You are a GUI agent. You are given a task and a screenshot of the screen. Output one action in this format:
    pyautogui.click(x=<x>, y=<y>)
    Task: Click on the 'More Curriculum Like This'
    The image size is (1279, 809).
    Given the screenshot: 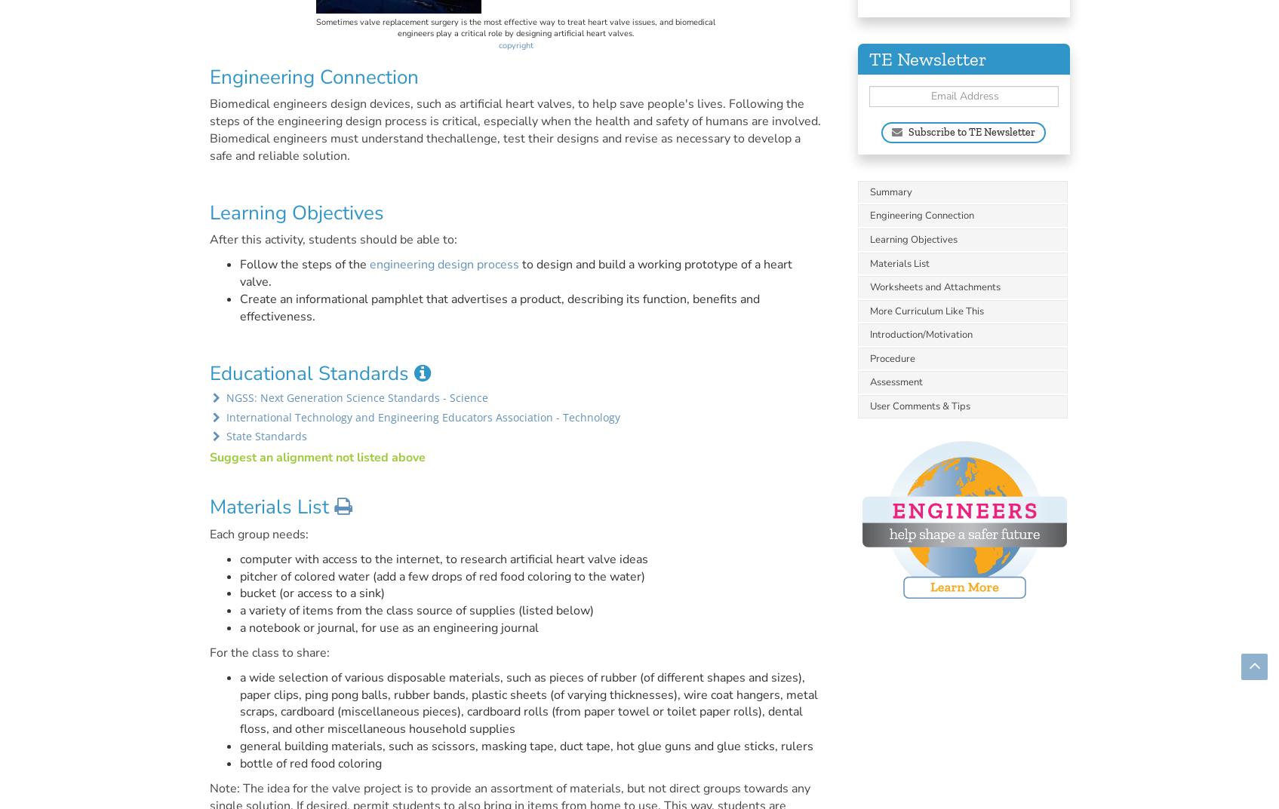 What is the action you would take?
    pyautogui.click(x=927, y=310)
    